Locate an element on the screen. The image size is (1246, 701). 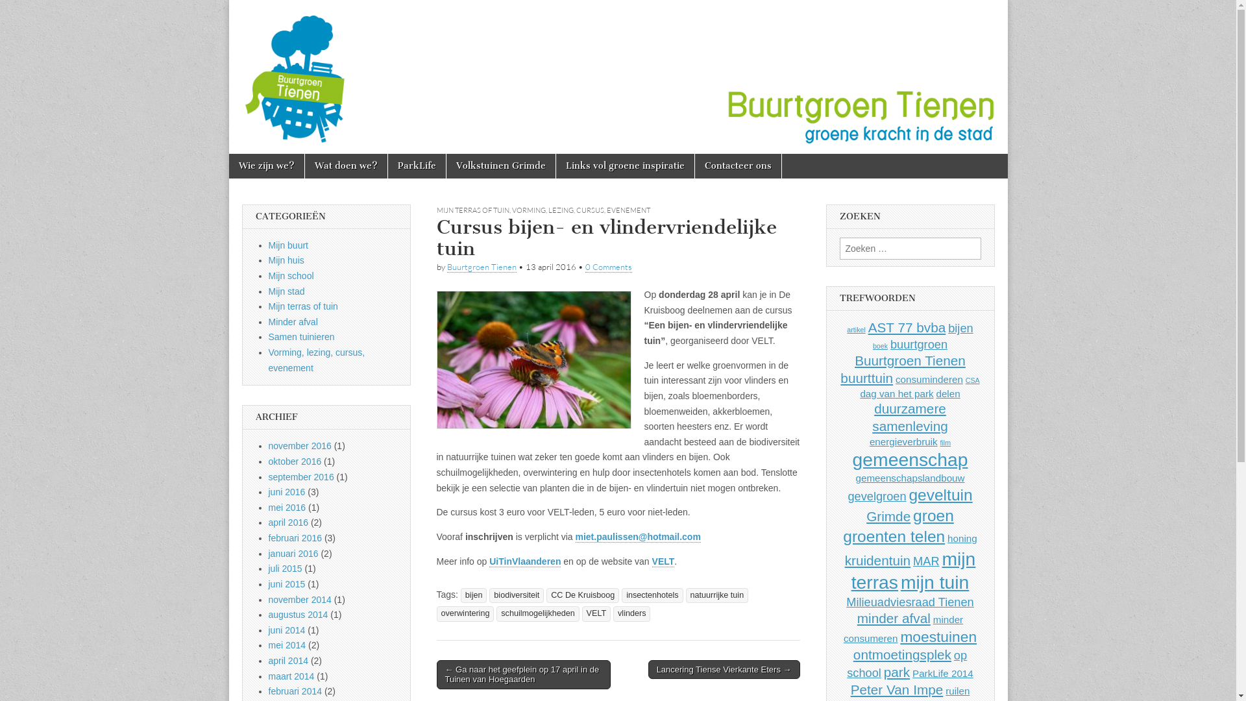
'Vorming, lezing, cursus, evenement' is located at coordinates (317, 360).